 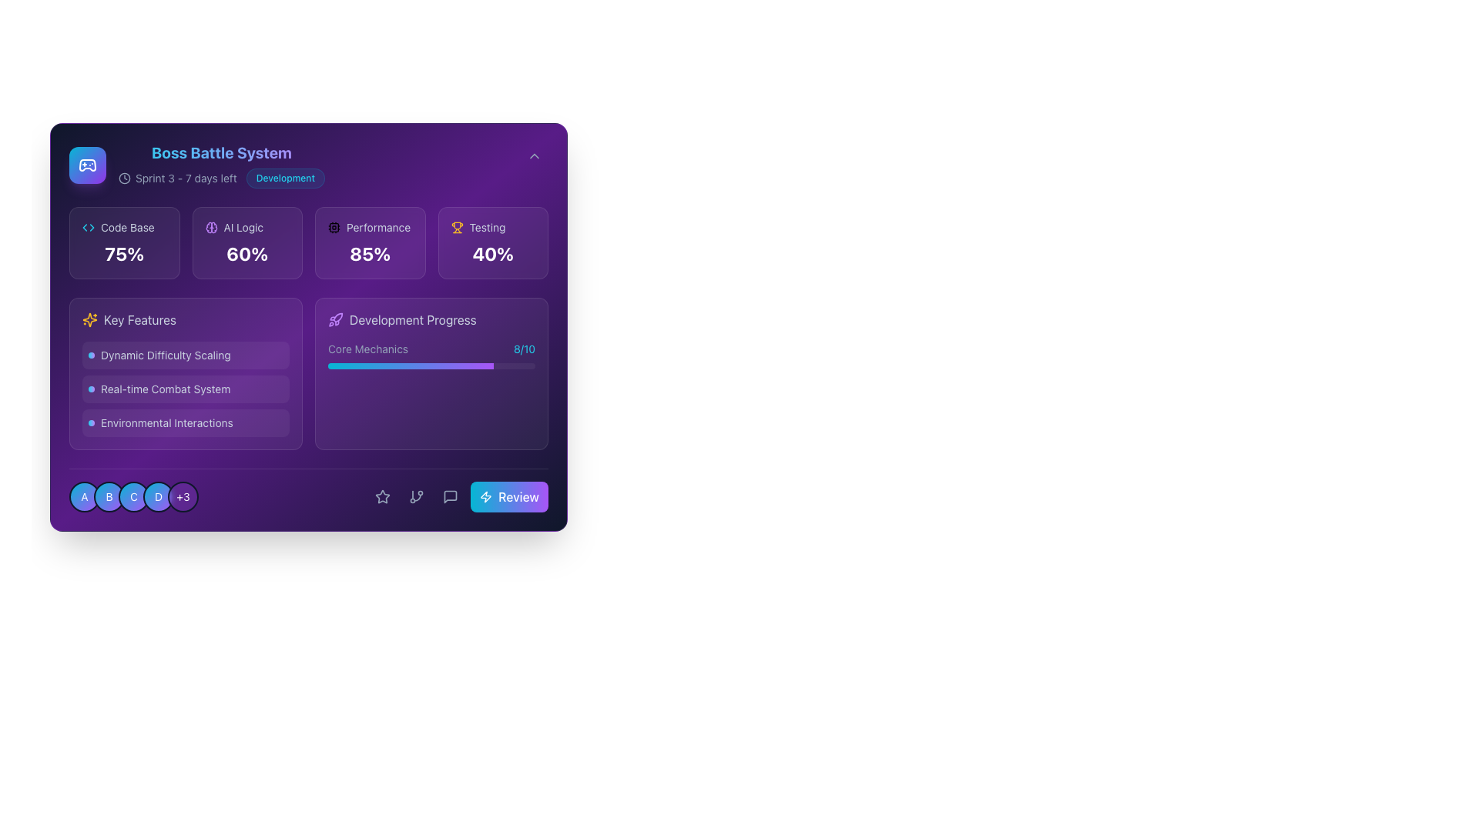 What do you see at coordinates (456, 225) in the screenshot?
I see `the trophy-like icon representing an award or achievement located in the 'Testing' section, positioned above the '40%' text and to the right of the section title` at bounding box center [456, 225].